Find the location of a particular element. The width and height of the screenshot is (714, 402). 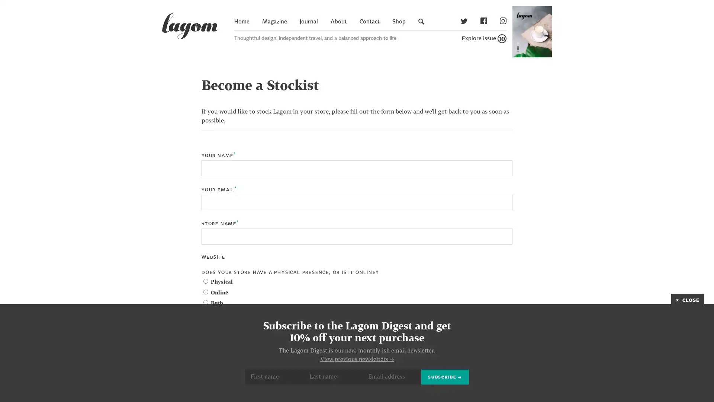

Subscribe is located at coordinates (445, 377).